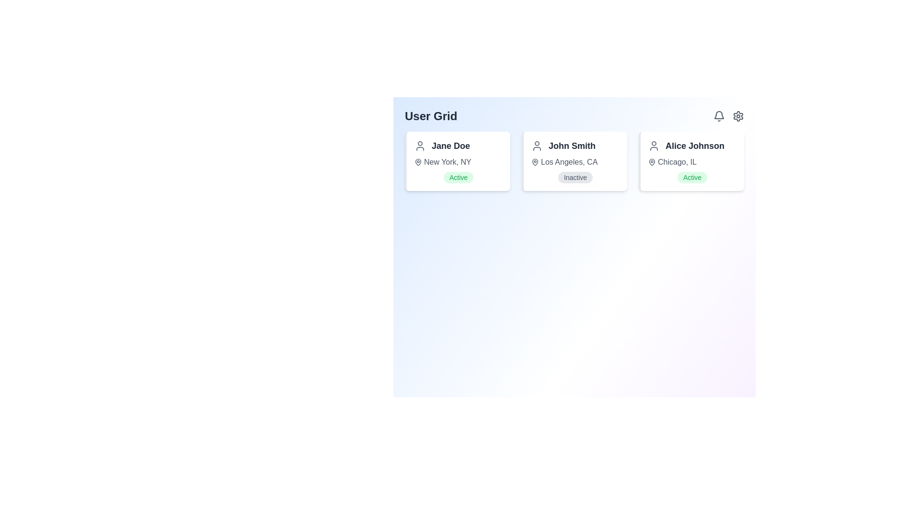 The width and height of the screenshot is (920, 517). I want to click on the geographical location icon adjacent to 'New York, NY' in the user information card, so click(418, 162).